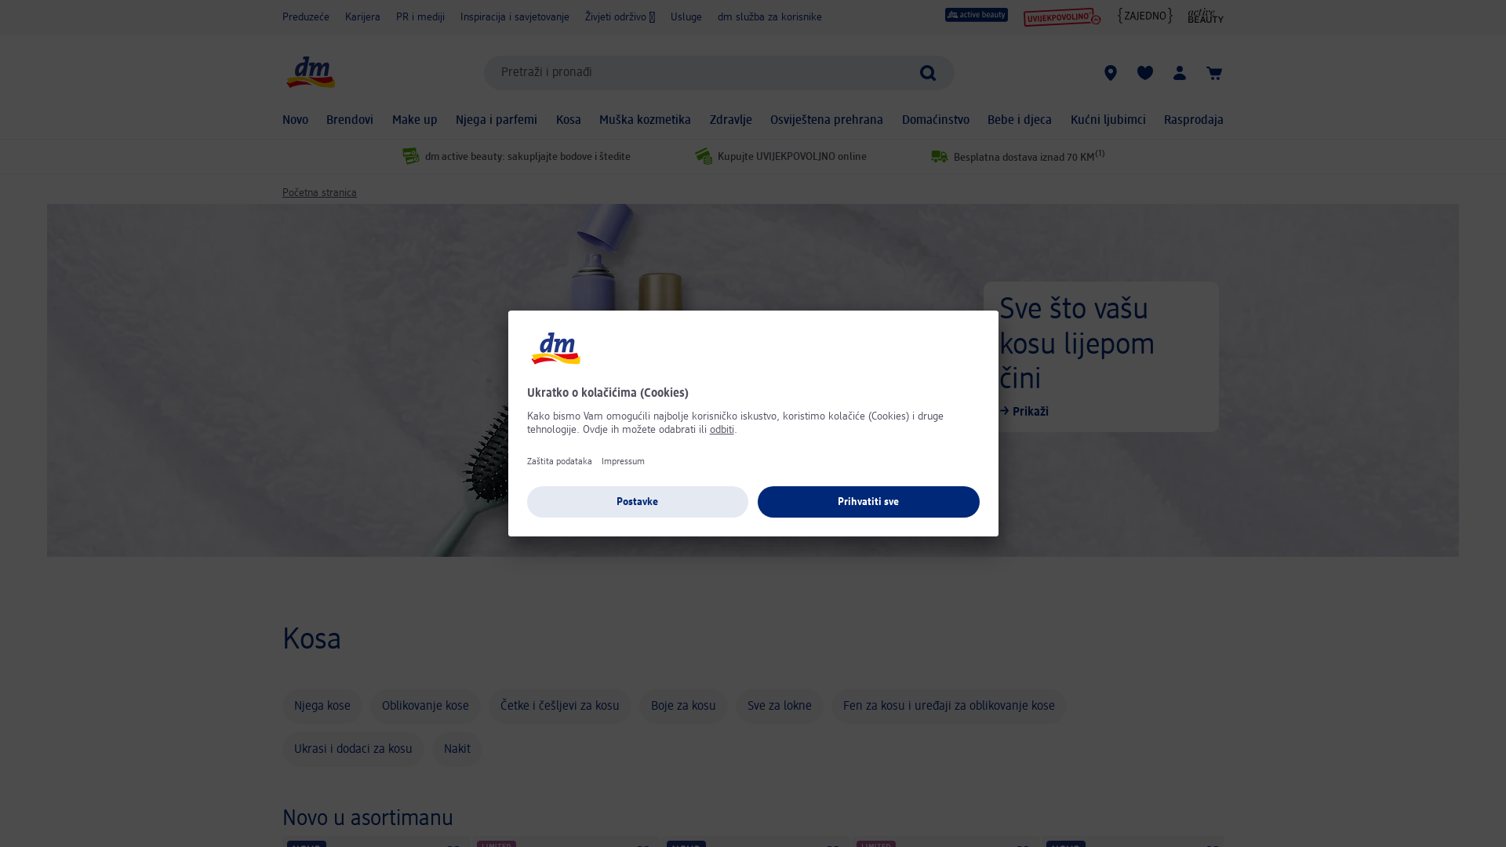 The height and width of the screenshot is (847, 1506). Describe the element at coordinates (489, 120) in the screenshot. I see `'Njega i parfemi'` at that location.